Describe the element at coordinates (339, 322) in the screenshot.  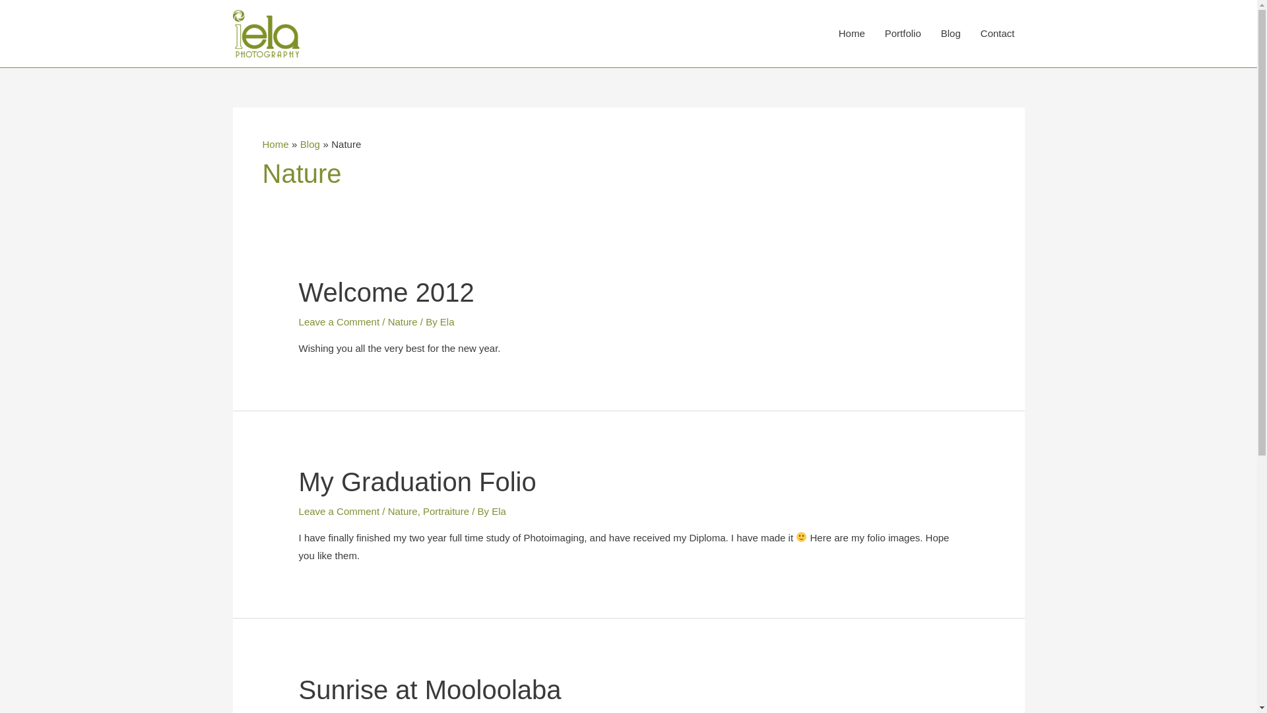
I see `'Leave a Comment'` at that location.